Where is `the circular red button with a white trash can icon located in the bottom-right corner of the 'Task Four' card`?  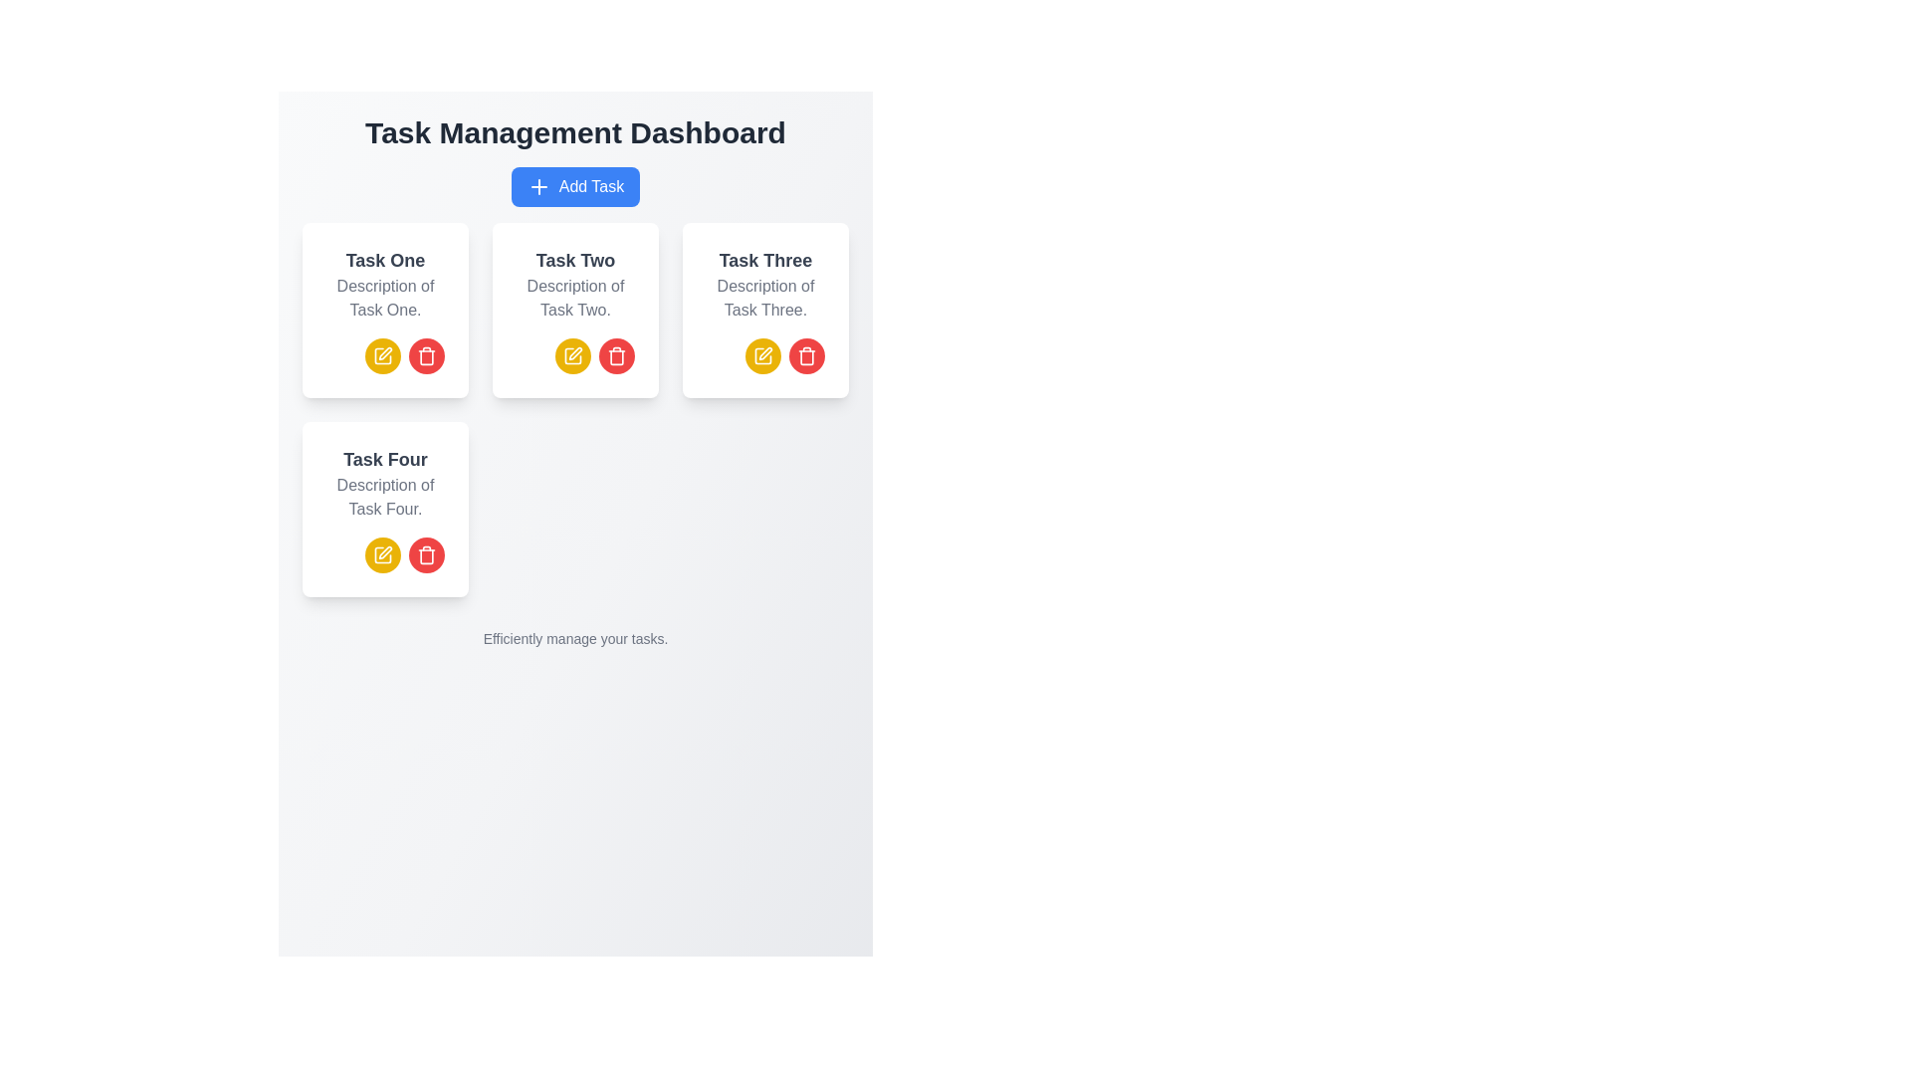 the circular red button with a white trash can icon located in the bottom-right corner of the 'Task Four' card is located at coordinates (425, 555).